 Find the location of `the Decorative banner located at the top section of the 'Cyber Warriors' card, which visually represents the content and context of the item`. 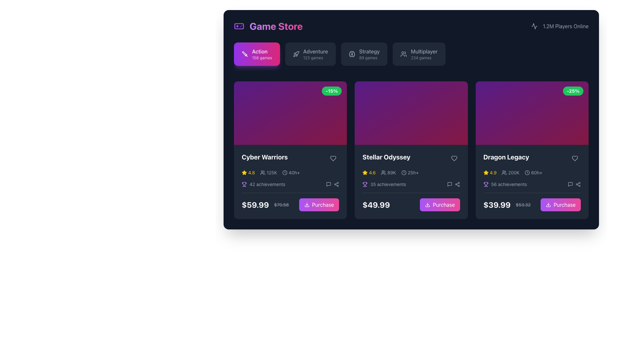

the Decorative banner located at the top section of the 'Cyber Warriors' card, which visually represents the content and context of the item is located at coordinates (290, 112).